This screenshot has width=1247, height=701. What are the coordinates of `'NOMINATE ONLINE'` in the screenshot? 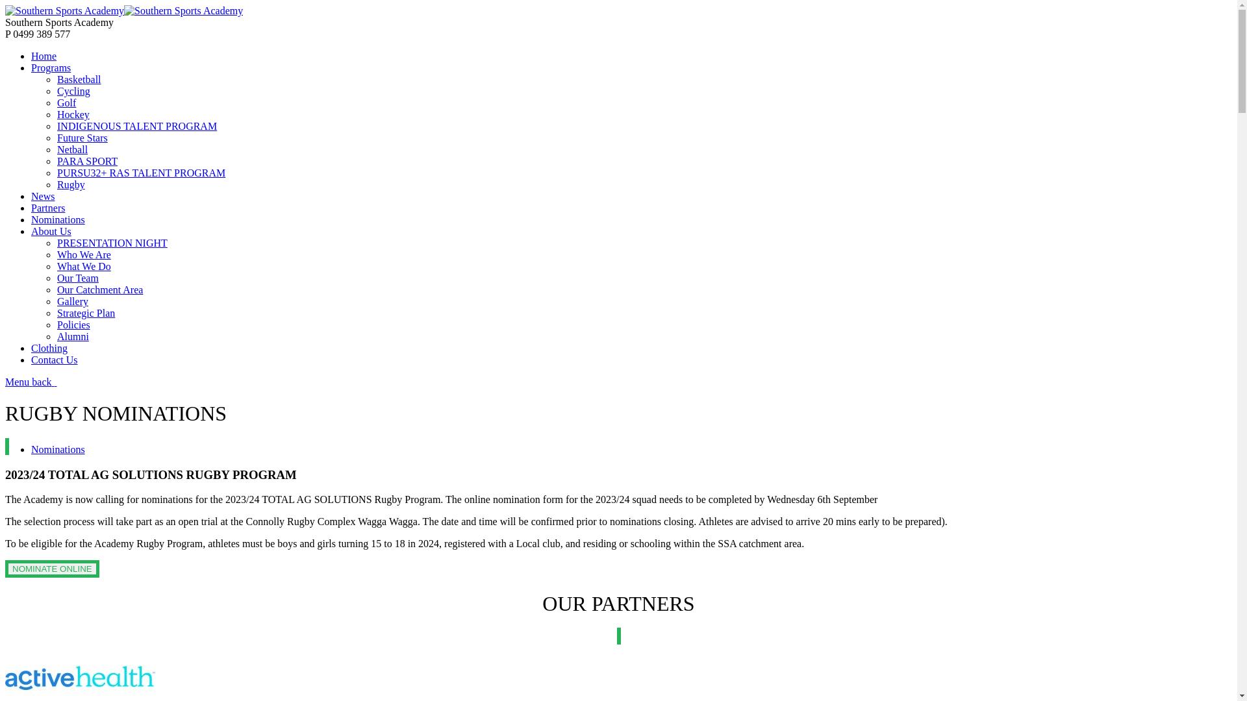 It's located at (52, 568).